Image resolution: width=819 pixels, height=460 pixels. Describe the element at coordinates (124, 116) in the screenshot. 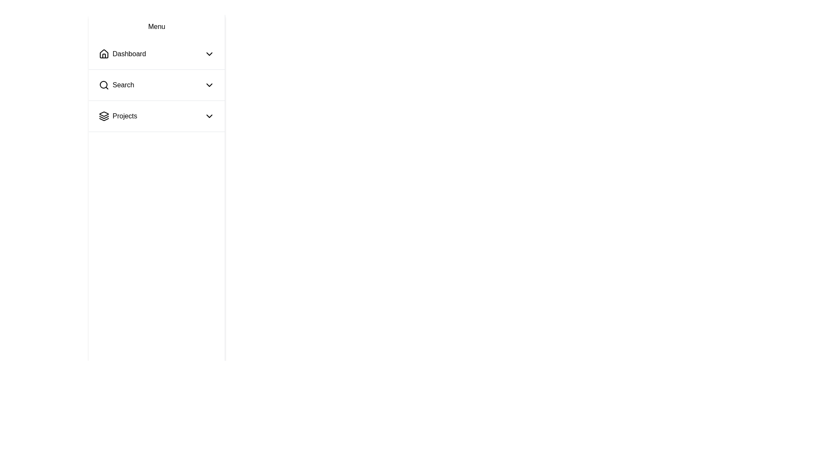

I see `the 'Projects' navigation label located in the vertical menu under 'Dashboard' and 'Search'` at that location.